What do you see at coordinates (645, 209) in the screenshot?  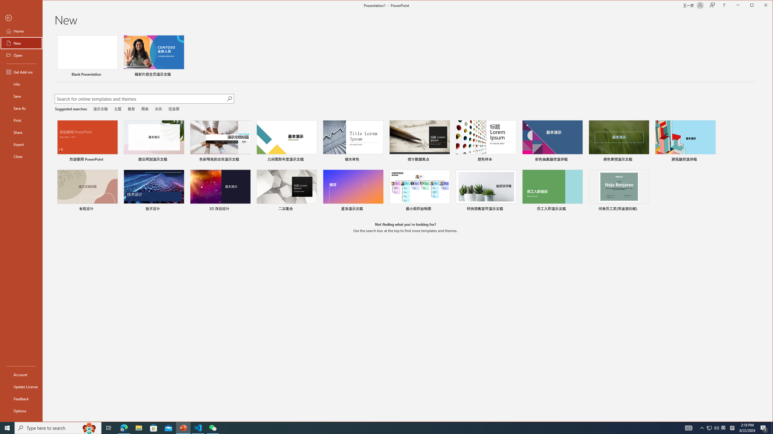 I see `'Pin to list'` at bounding box center [645, 209].